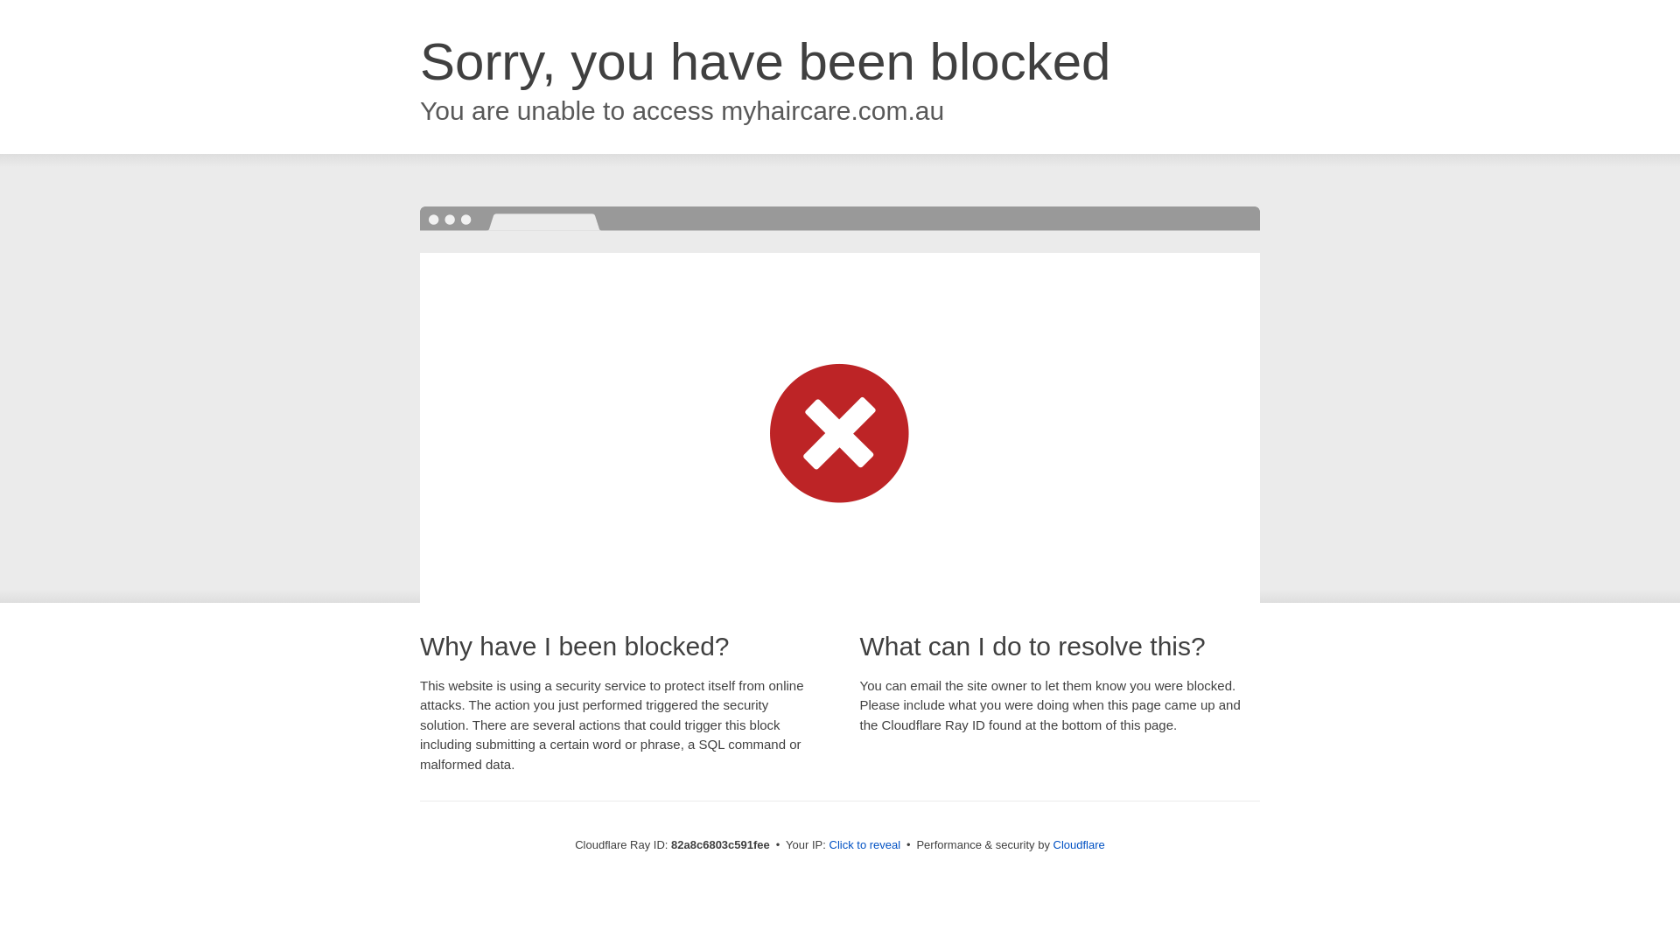  Describe the element at coordinates (864, 843) in the screenshot. I see `'Click to reveal'` at that location.